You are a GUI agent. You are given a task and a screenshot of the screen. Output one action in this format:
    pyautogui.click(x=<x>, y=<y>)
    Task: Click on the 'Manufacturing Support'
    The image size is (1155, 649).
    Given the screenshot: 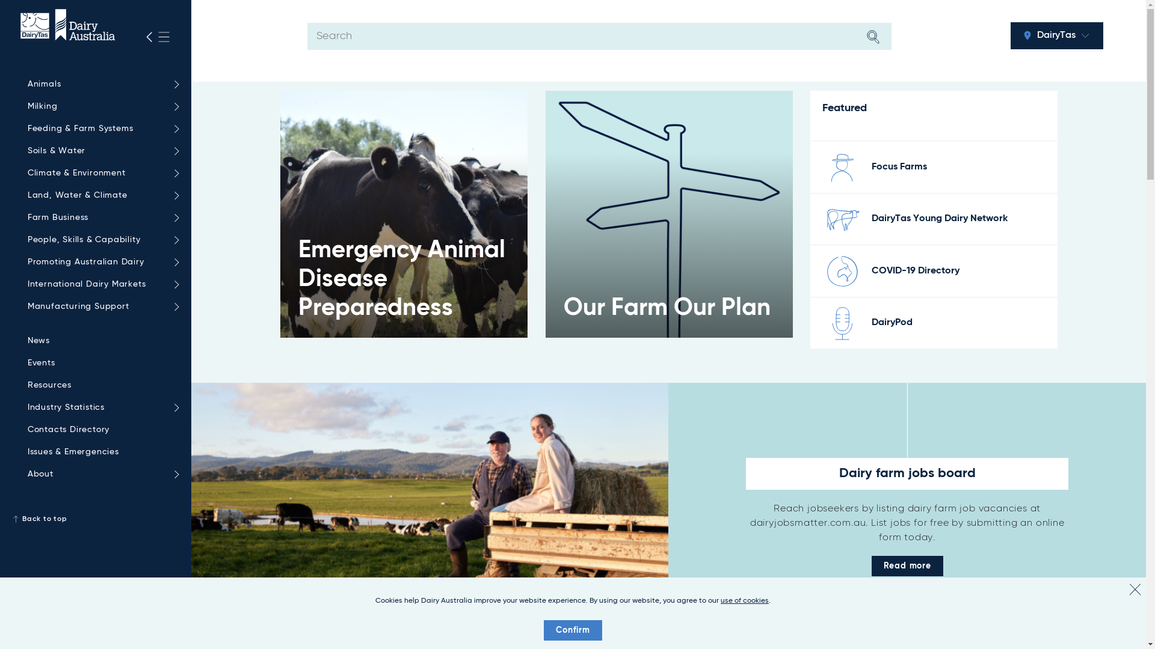 What is the action you would take?
    pyautogui.click(x=100, y=306)
    